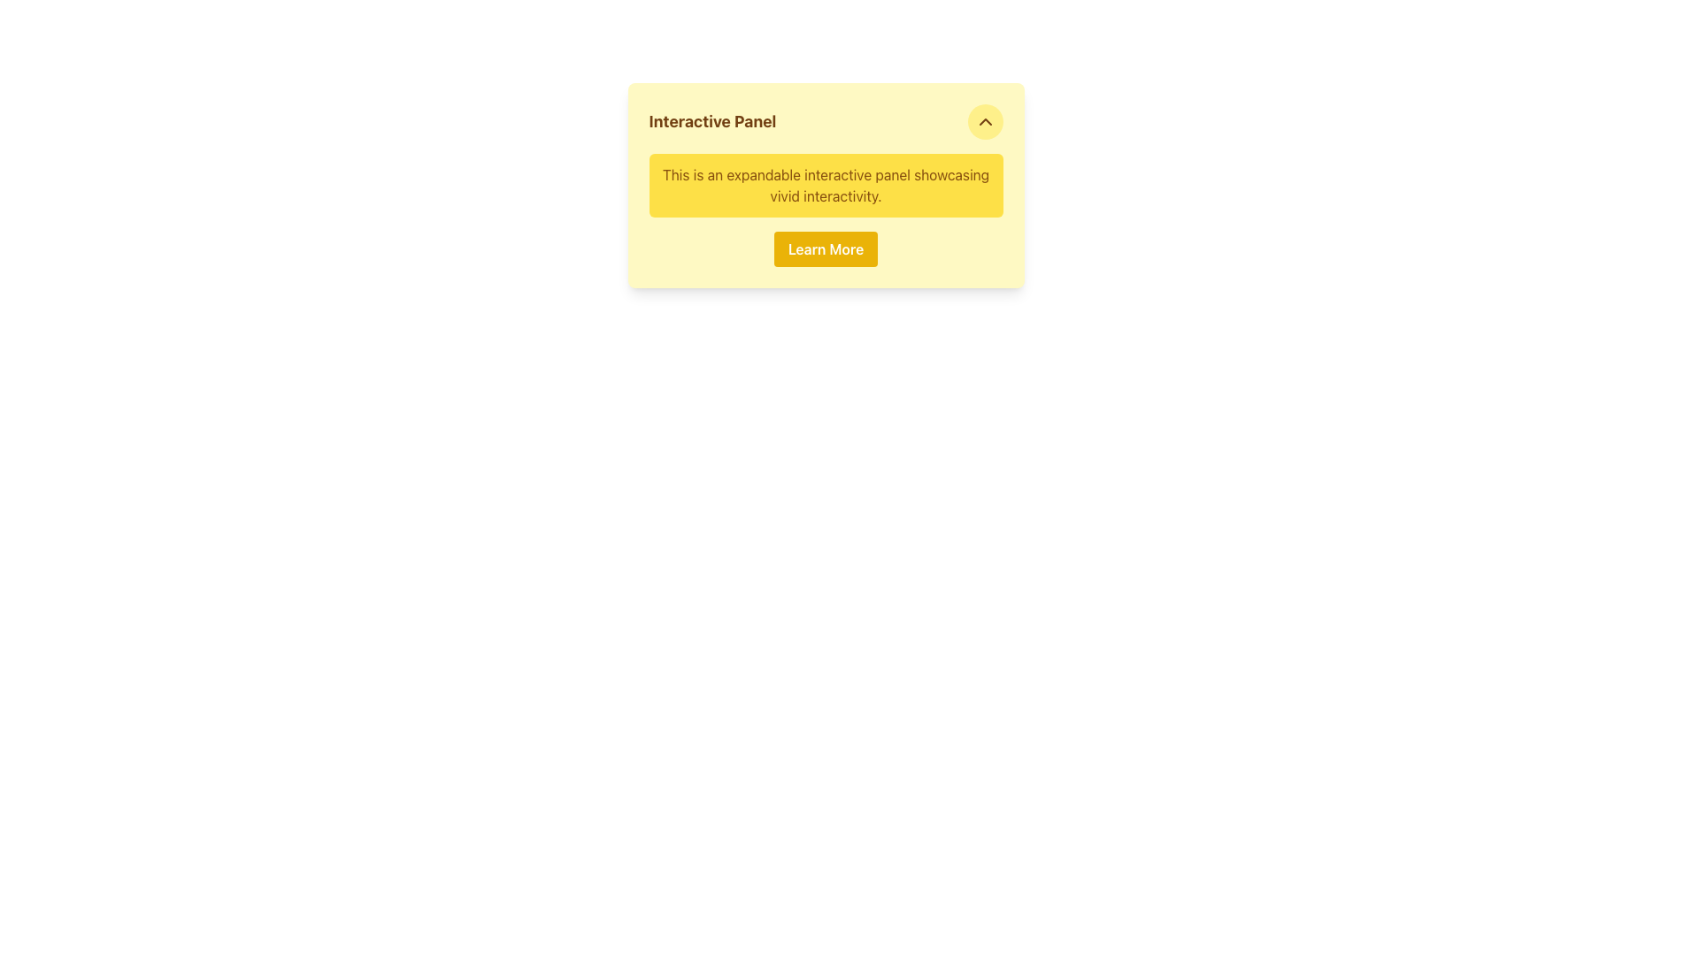  What do you see at coordinates (984, 121) in the screenshot?
I see `the circular button with a yellow background and an up-arrow icon located at the top-right corner of the 'Interactive Panel'` at bounding box center [984, 121].